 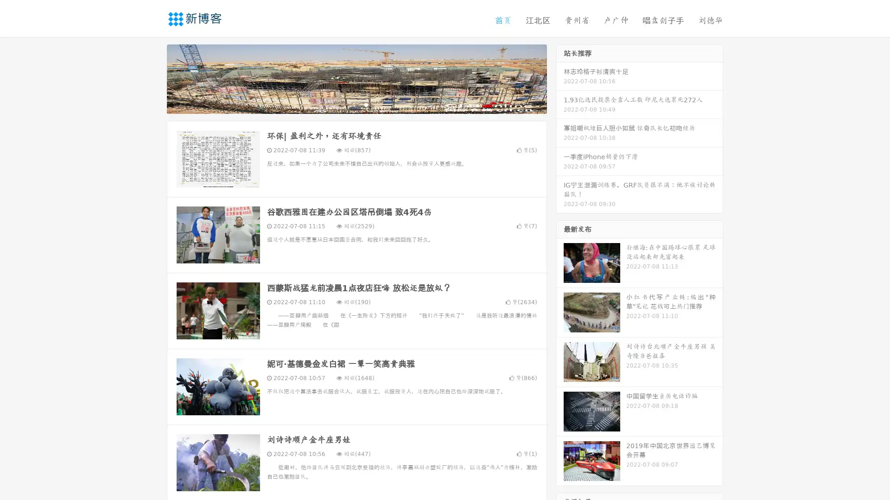 What do you see at coordinates (356, 104) in the screenshot?
I see `Go to slide 2` at bounding box center [356, 104].